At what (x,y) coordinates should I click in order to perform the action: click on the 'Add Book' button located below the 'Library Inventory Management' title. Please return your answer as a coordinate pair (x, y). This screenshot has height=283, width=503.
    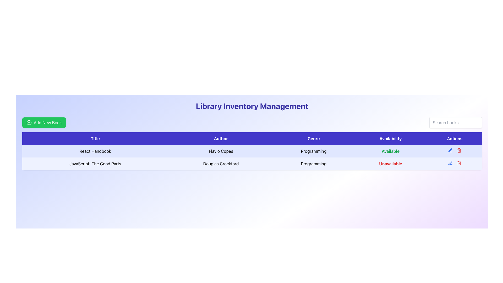
    Looking at the image, I should click on (44, 122).